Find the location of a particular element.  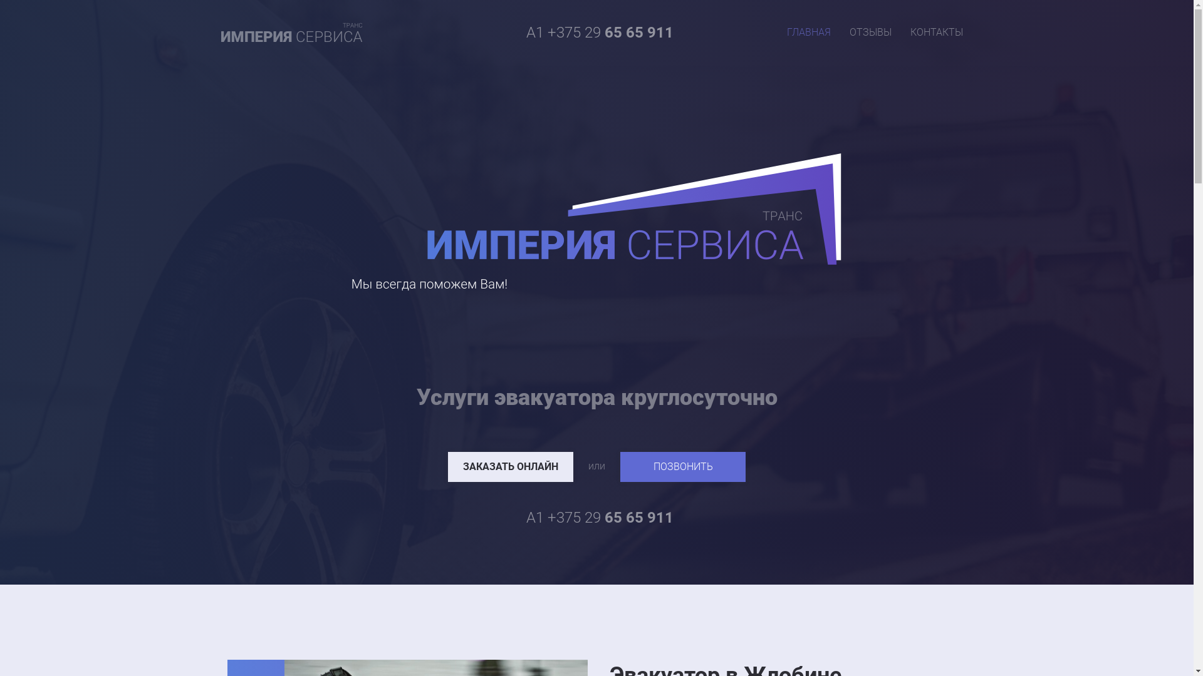

'A1 +375 29 65 65 911' is located at coordinates (599, 517).